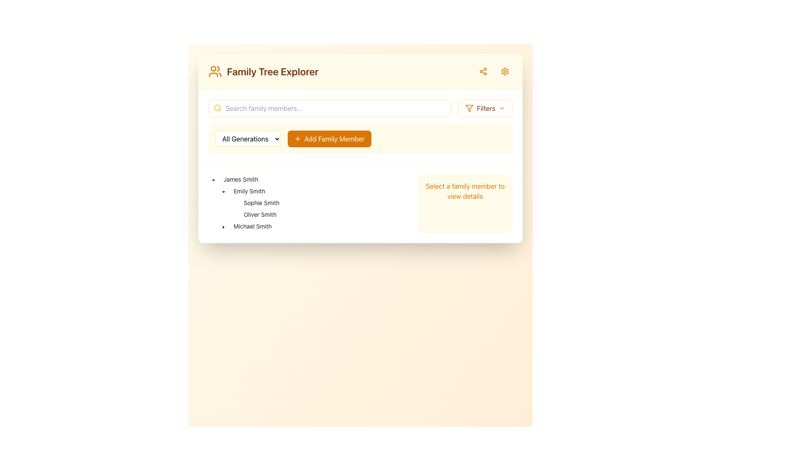 The height and width of the screenshot is (452, 804). I want to click on the toggle icon located in the navigation tree, specifically to the left of the text 'Emily Smith' under the 'James Smith' node, to trigger any hover effects, so click(213, 180).